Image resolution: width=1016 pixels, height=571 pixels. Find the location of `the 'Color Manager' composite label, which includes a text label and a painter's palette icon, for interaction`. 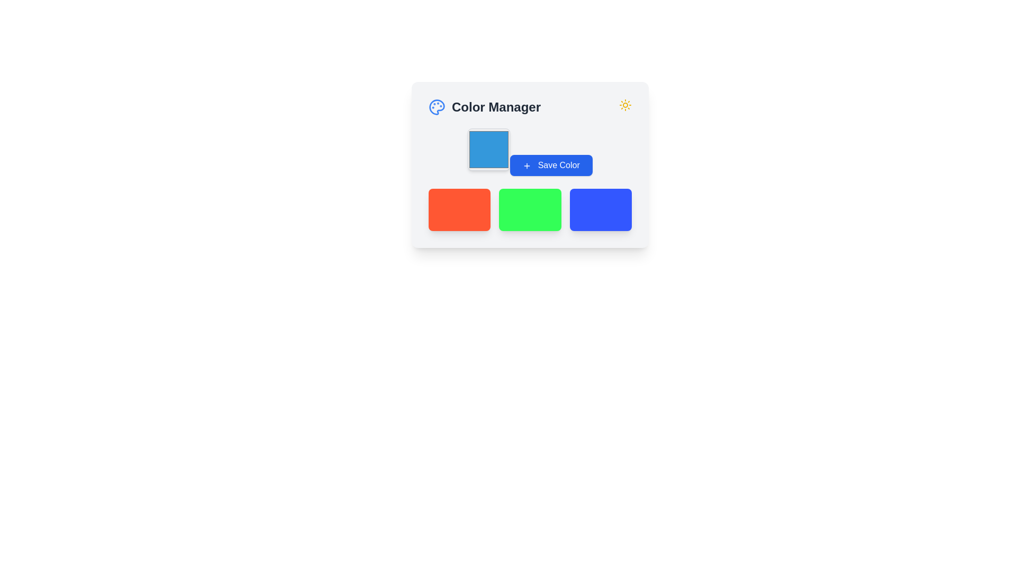

the 'Color Manager' composite label, which includes a text label and a painter's palette icon, for interaction is located at coordinates (484, 107).